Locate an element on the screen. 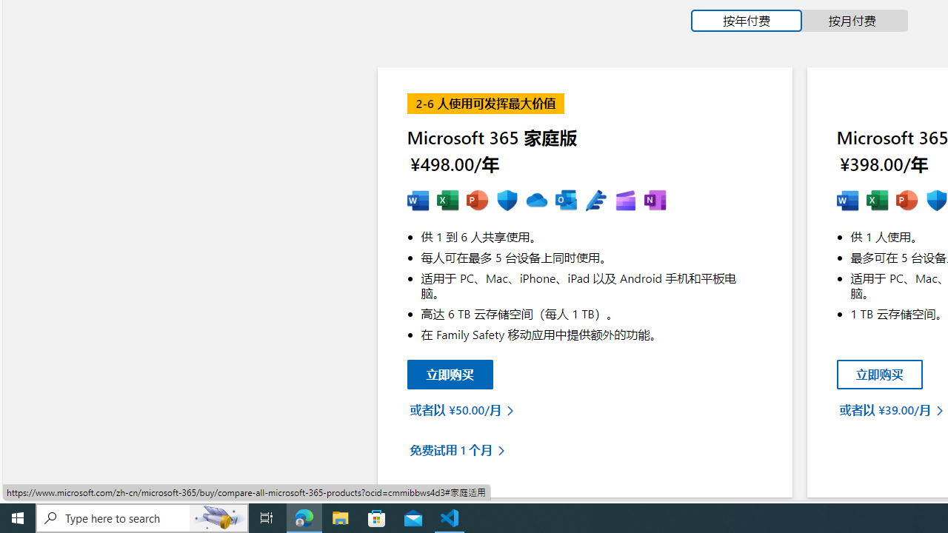 The width and height of the screenshot is (948, 533). 'MS Clipchamp' is located at coordinates (625, 201).